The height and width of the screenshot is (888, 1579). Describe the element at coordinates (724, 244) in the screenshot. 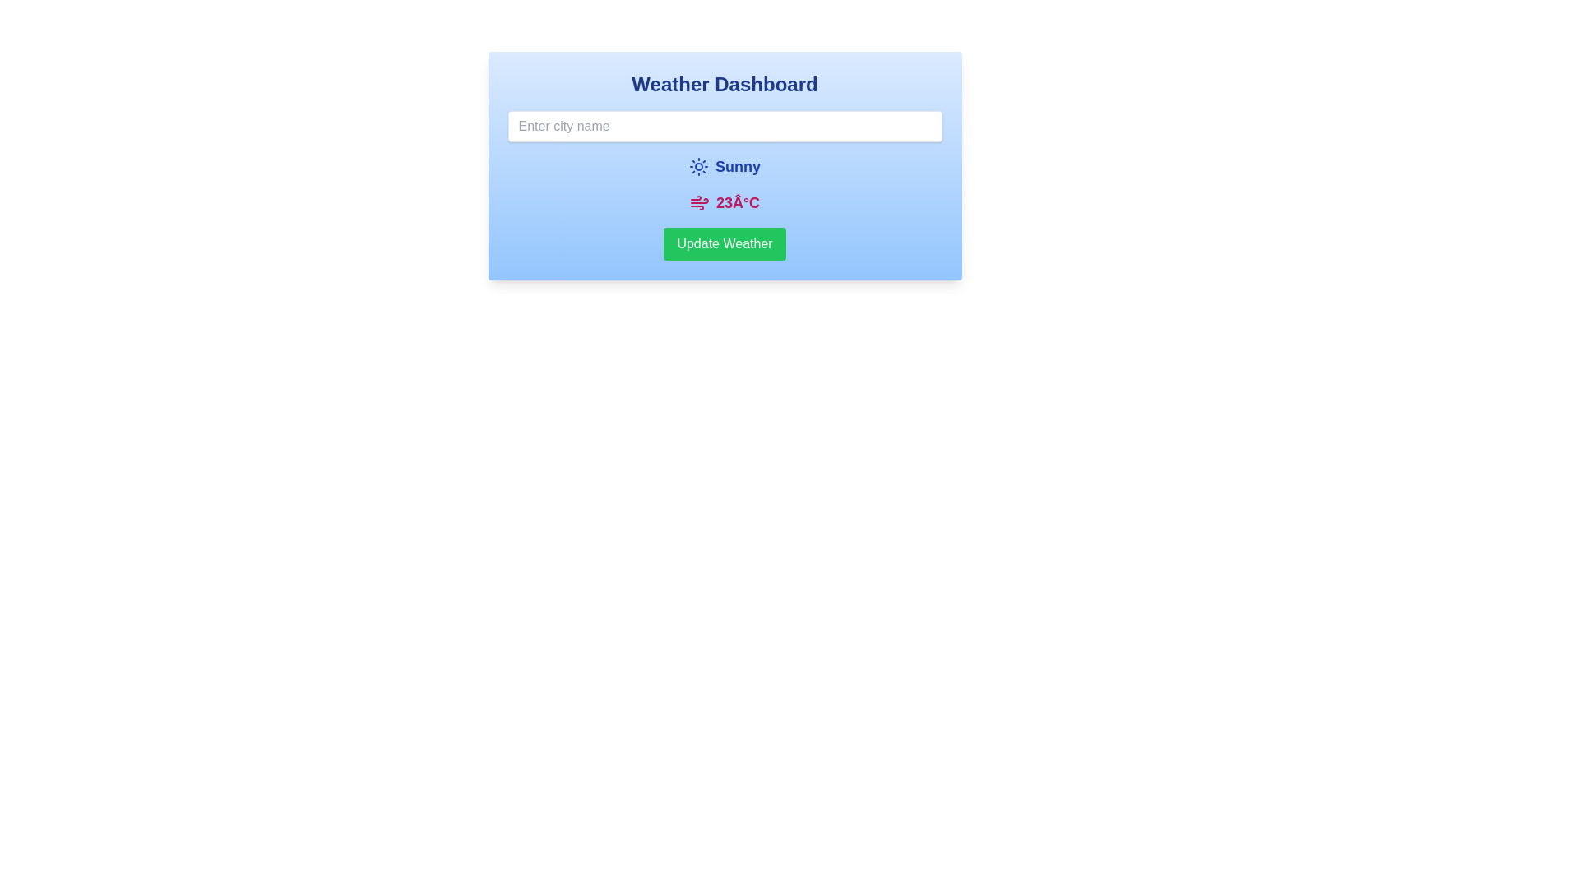

I see `the rectangular button with a green background and white text that reads 'Update Weather' to trigger hover effects` at that location.